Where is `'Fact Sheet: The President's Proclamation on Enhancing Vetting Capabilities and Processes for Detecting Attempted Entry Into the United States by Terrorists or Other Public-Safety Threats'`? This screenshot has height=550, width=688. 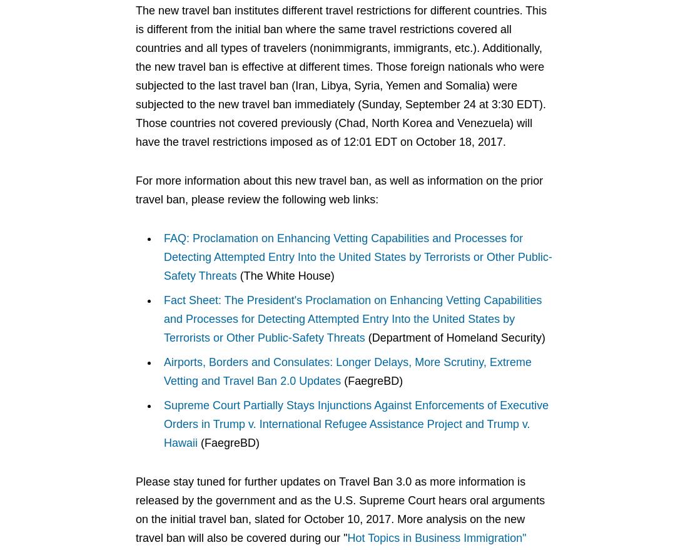
'Fact Sheet: The President's Proclamation on Enhancing Vetting Capabilities and Processes for Detecting Attempted Entry Into the United States by Terrorists or Other Public-Safety Threats' is located at coordinates (164, 318).